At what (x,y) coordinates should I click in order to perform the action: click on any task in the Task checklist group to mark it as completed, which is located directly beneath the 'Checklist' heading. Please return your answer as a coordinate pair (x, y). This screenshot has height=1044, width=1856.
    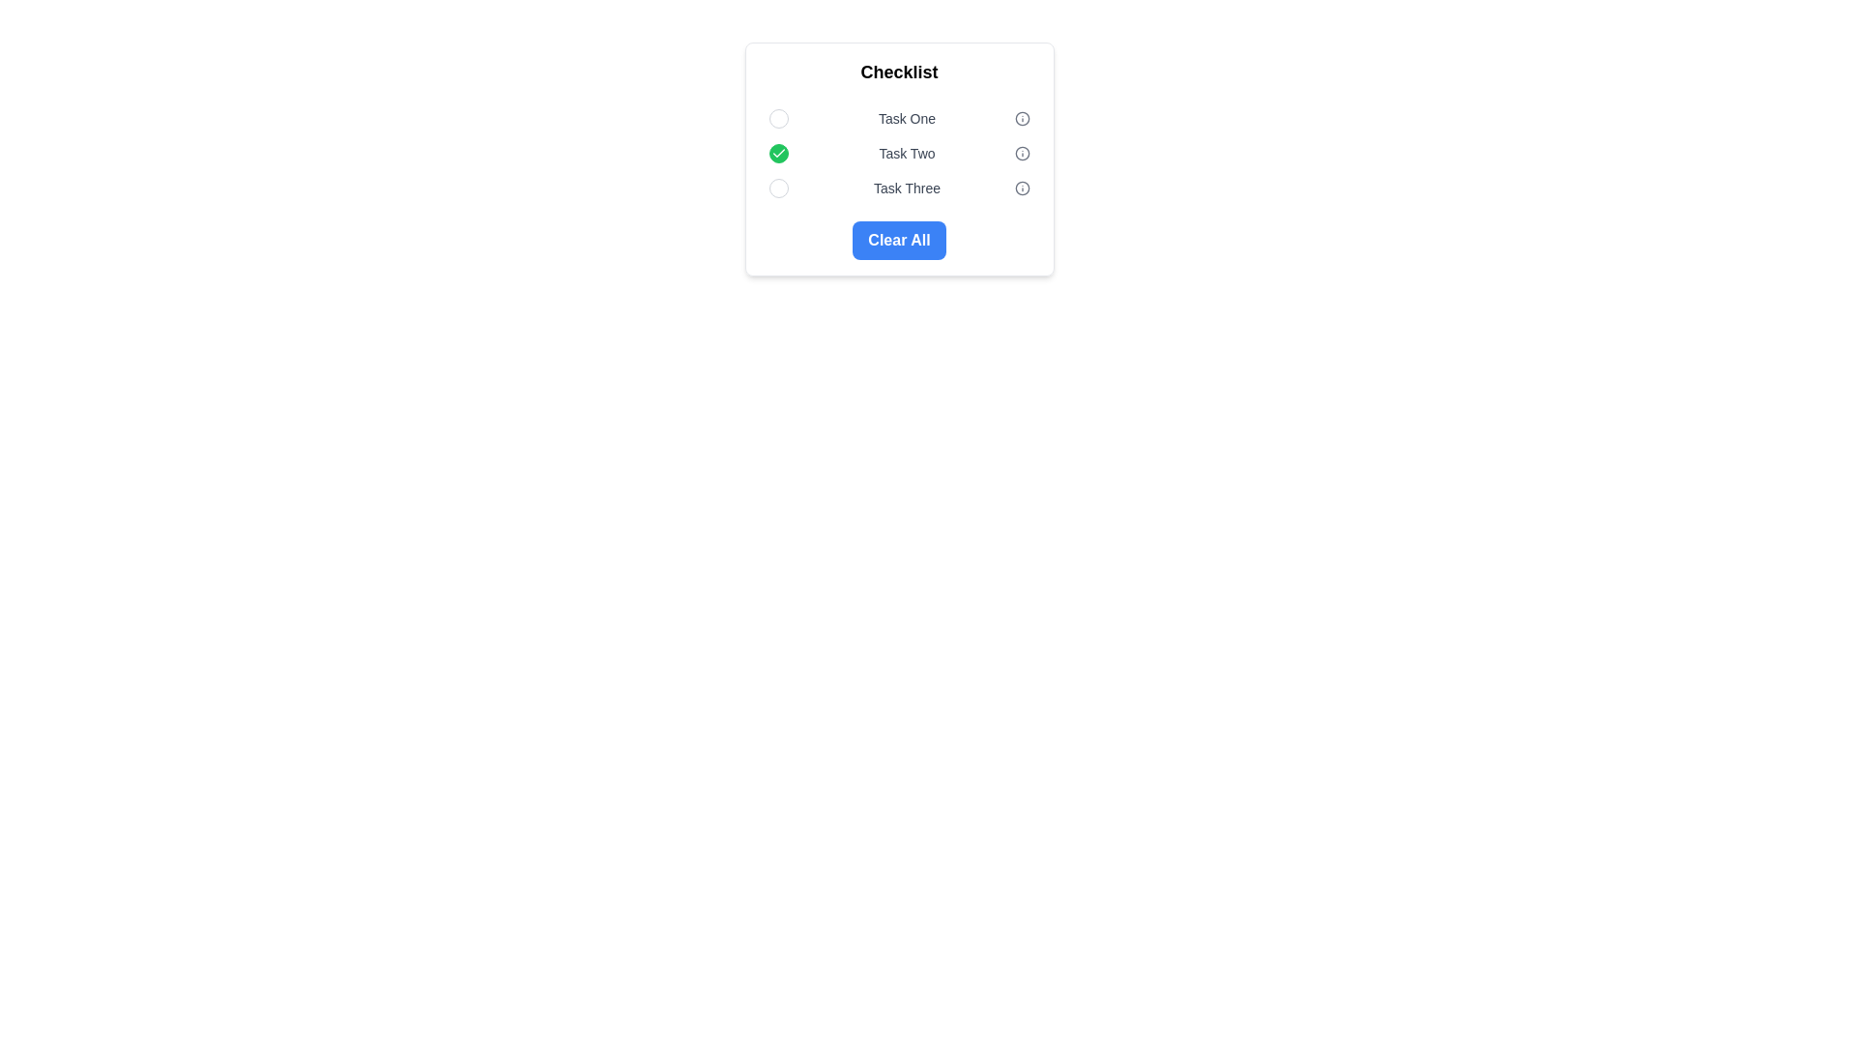
    Looking at the image, I should click on (898, 152).